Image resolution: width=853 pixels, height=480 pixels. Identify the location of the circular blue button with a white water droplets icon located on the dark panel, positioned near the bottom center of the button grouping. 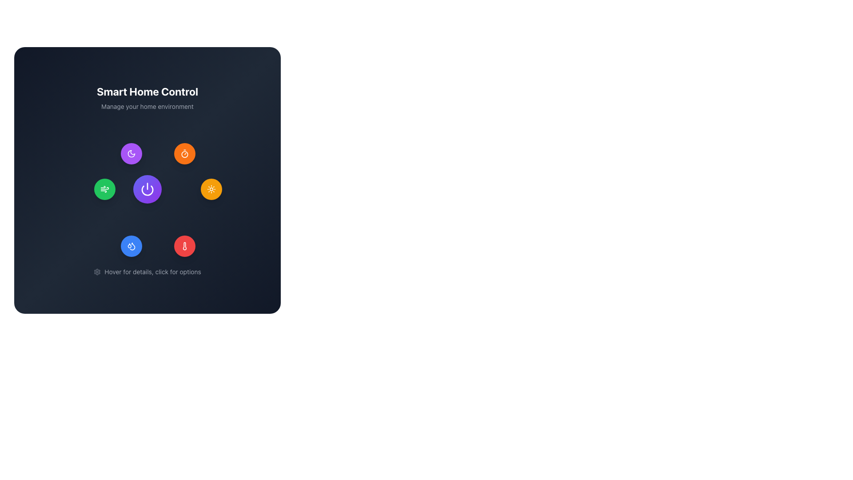
(131, 246).